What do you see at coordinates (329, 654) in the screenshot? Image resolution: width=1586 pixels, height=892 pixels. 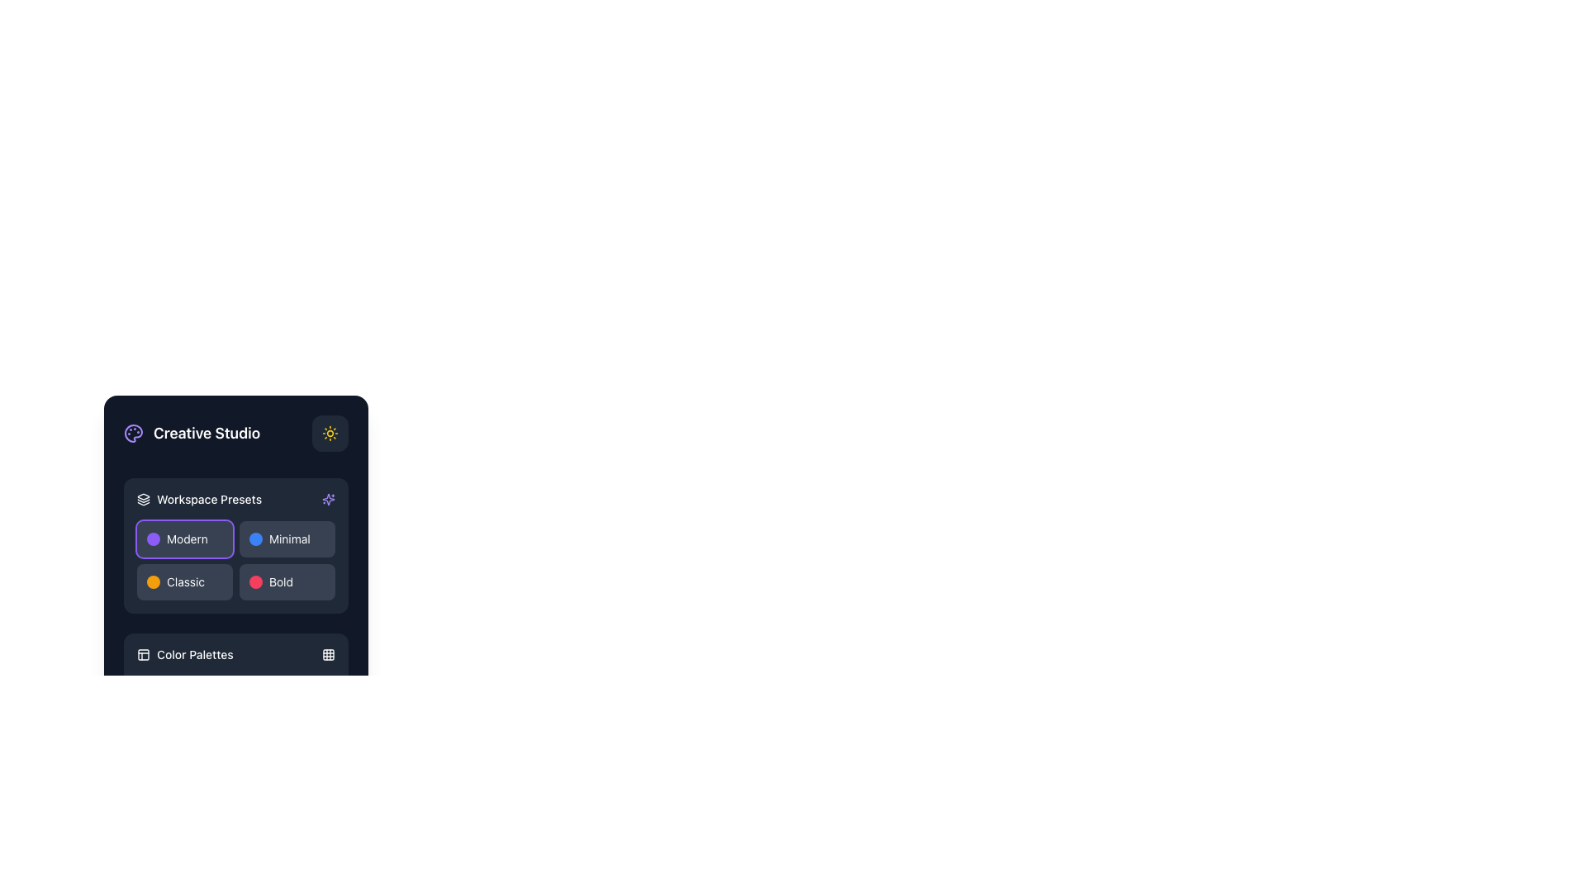 I see `the button icon located at the far-right side of the 'Color Palettes' section header` at bounding box center [329, 654].